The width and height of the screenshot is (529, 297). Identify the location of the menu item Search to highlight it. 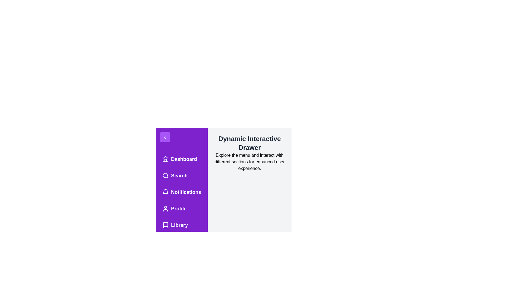
(181, 176).